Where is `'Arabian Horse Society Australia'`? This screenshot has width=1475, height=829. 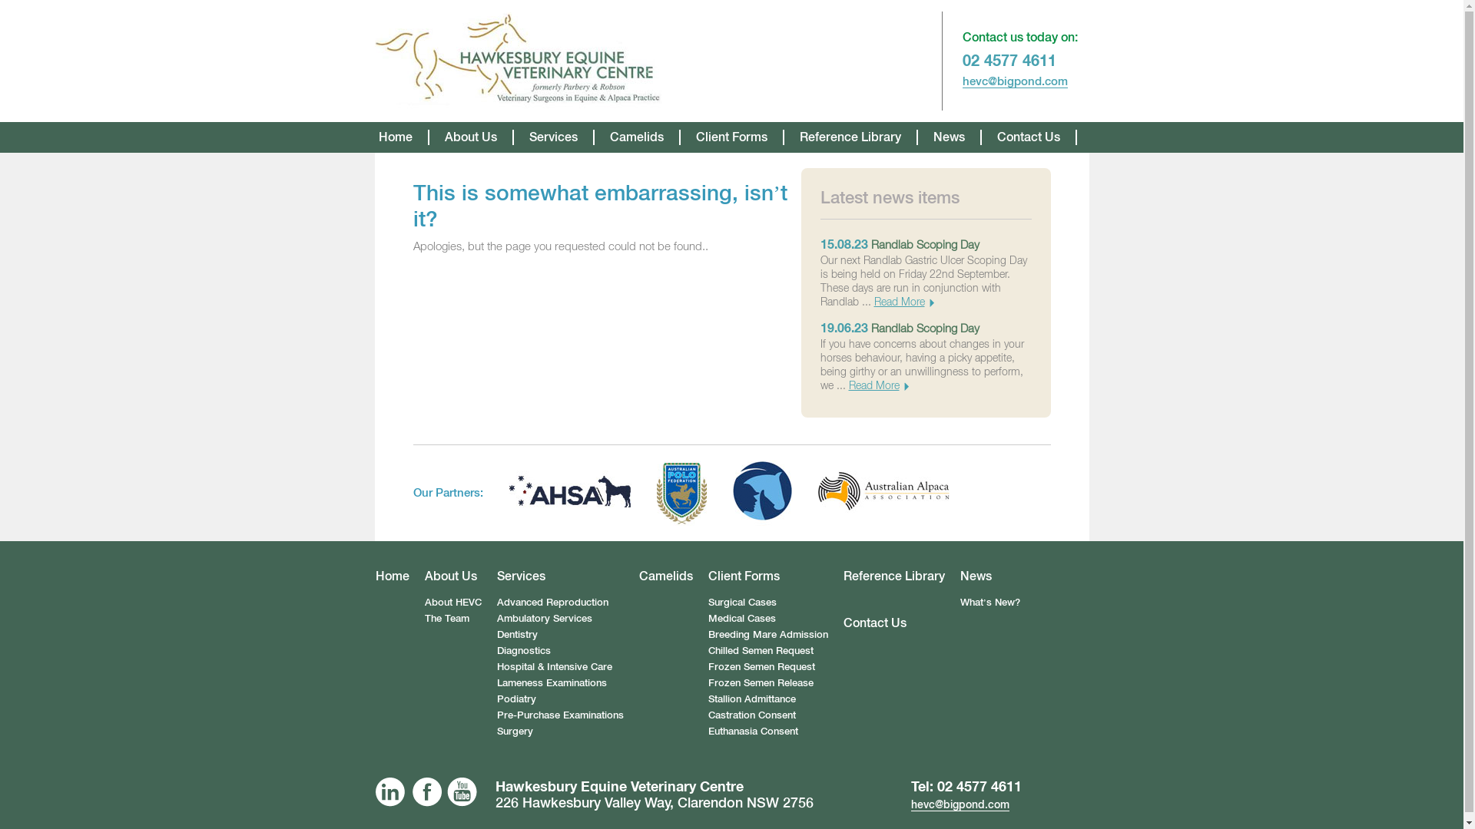
'Arabian Horse Society Australia' is located at coordinates (509, 493).